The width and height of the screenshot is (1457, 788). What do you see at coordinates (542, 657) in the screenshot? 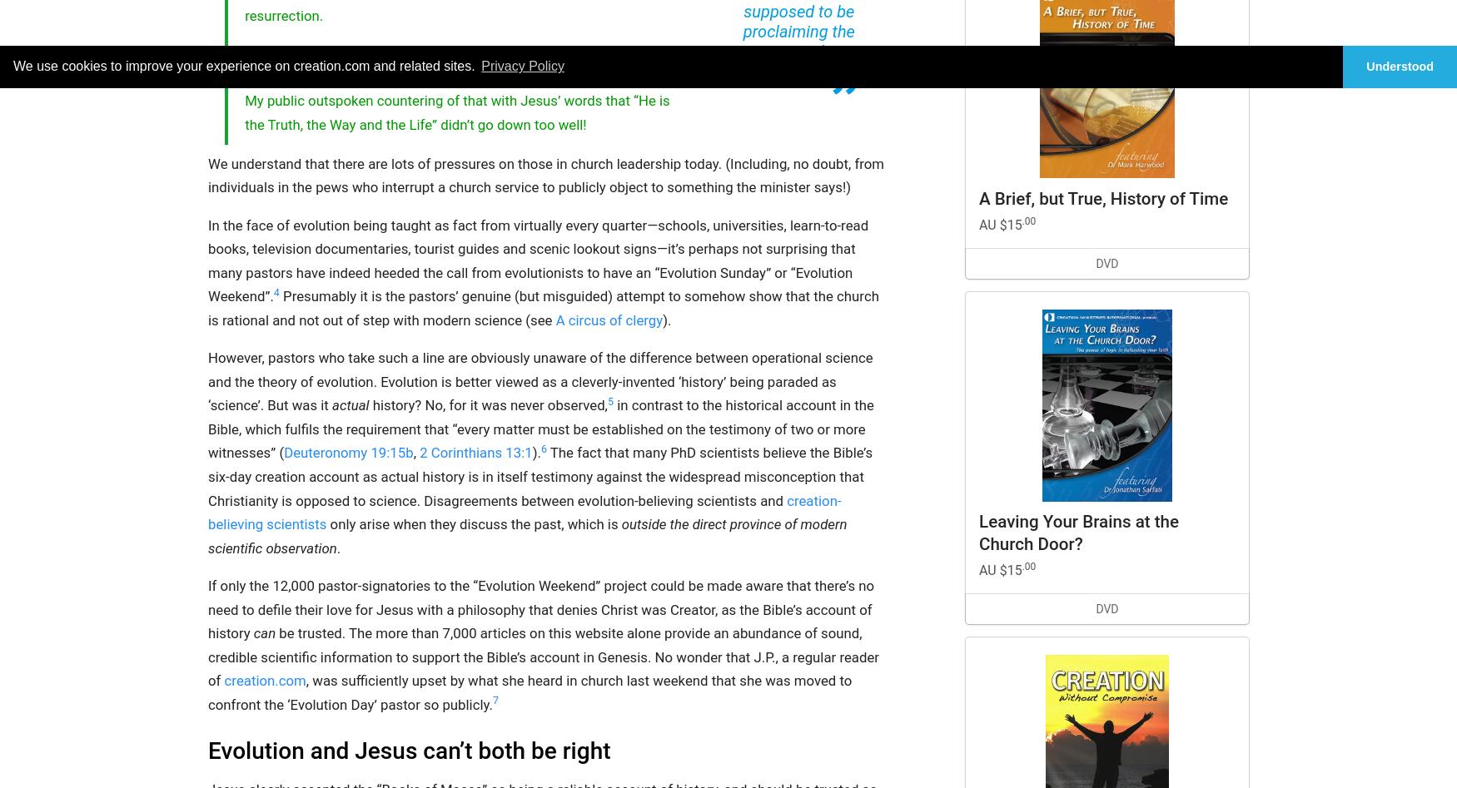
I see `'be trusted. The more than 7,000 articles on this website alone provide
an abundance of sound, credible scientific information to support the Bible’s
account in Genesis. No wonder that J.P., a regular reader of'` at bounding box center [542, 657].